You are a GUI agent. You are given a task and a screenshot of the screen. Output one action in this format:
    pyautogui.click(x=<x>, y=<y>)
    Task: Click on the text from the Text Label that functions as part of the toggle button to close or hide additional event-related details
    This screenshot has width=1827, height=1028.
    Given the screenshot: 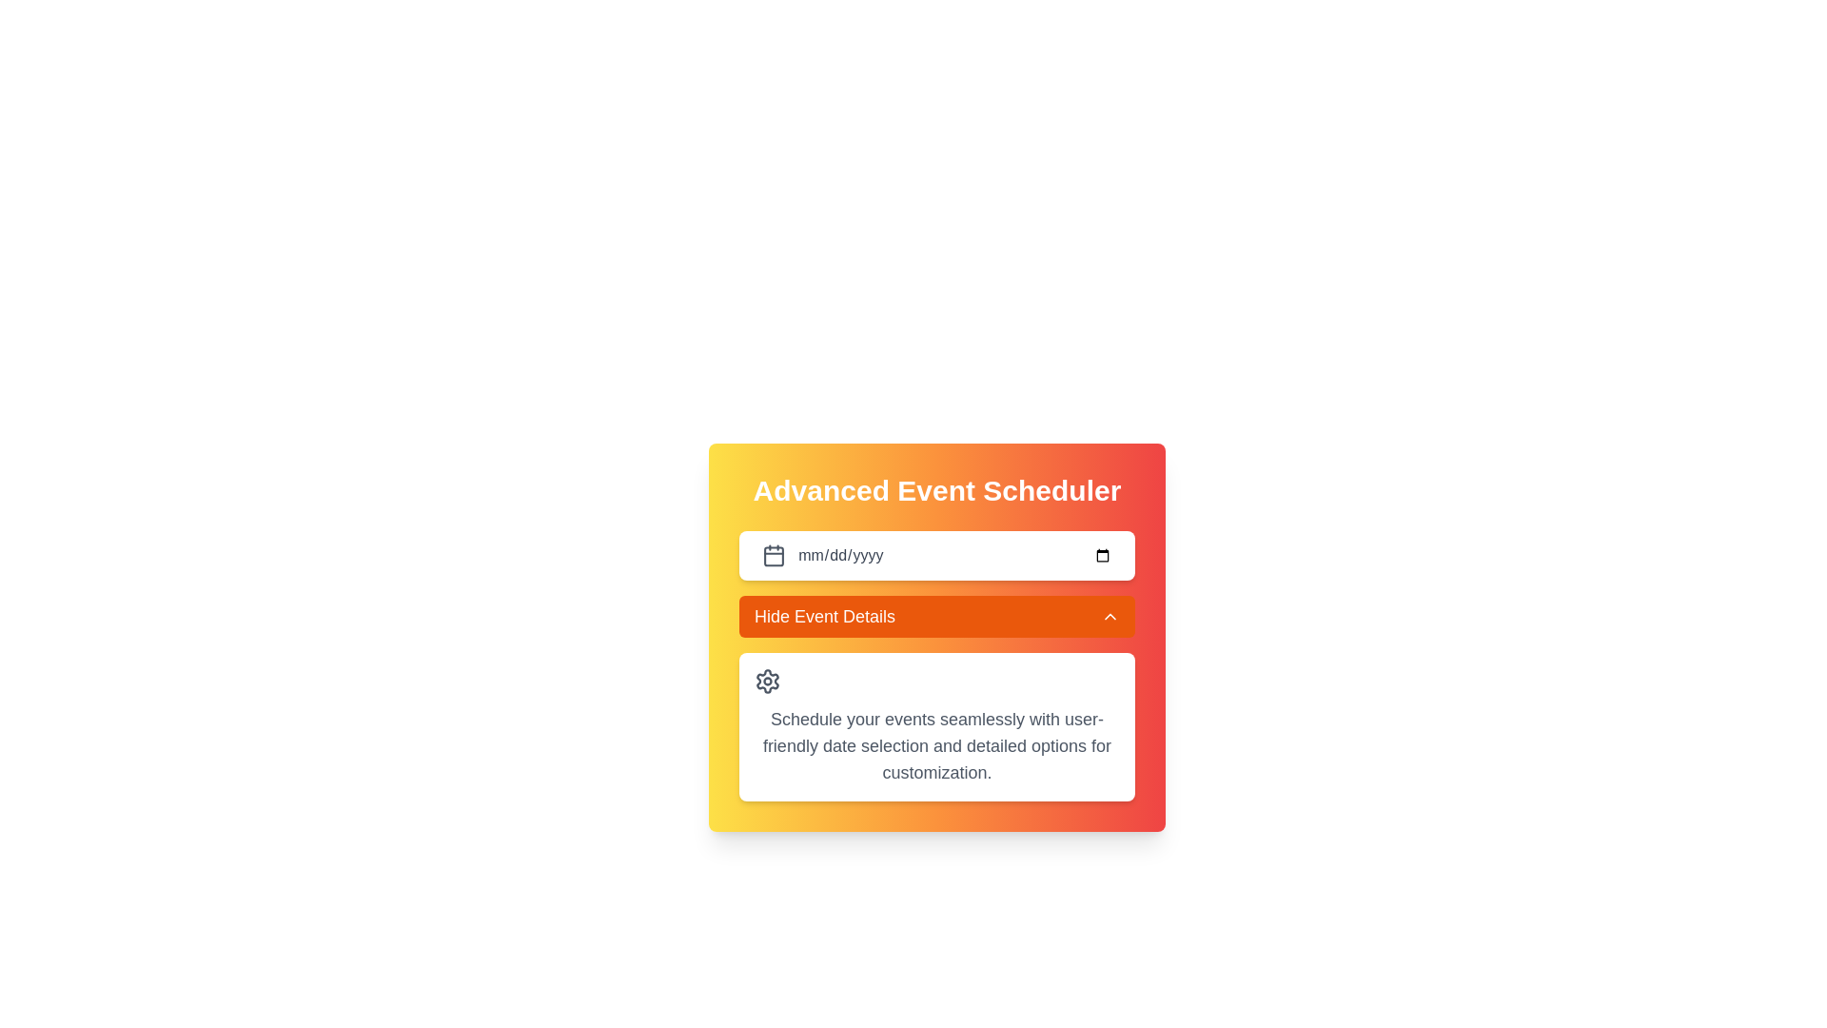 What is the action you would take?
    pyautogui.click(x=825, y=617)
    